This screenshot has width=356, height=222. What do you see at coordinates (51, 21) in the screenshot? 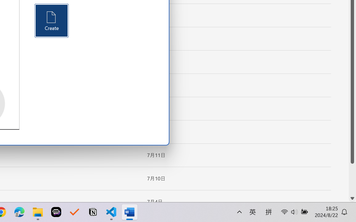
I see `'Create'` at bounding box center [51, 21].